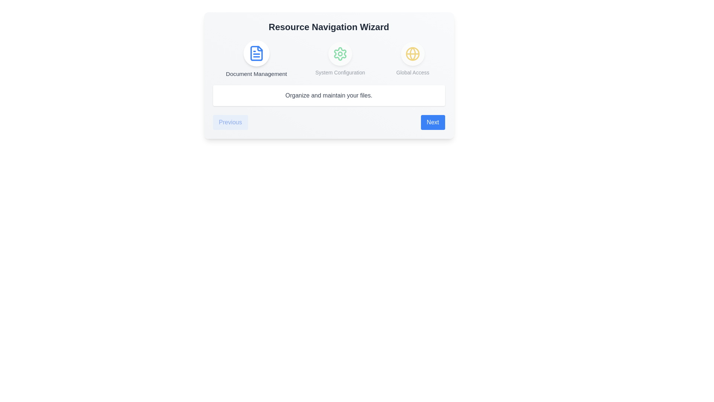 The image size is (714, 402). I want to click on the description text below the icons to read it, so click(328, 95).